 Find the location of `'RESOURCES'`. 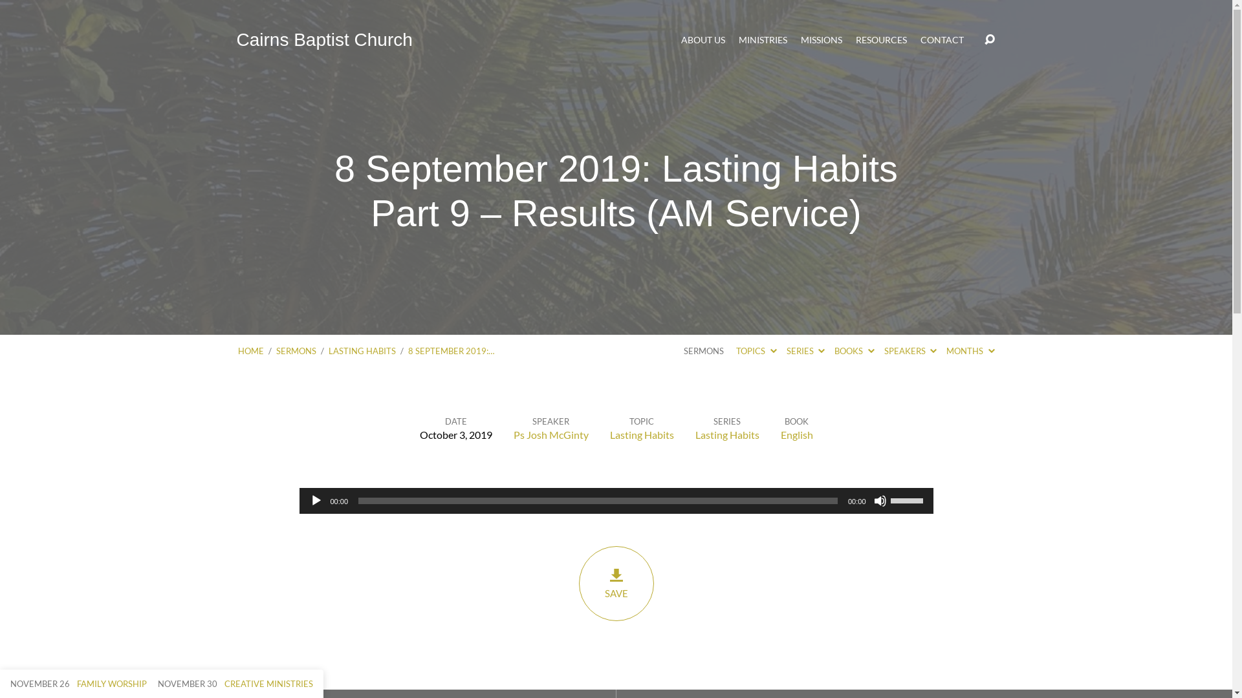

'RESOURCES' is located at coordinates (880, 39).